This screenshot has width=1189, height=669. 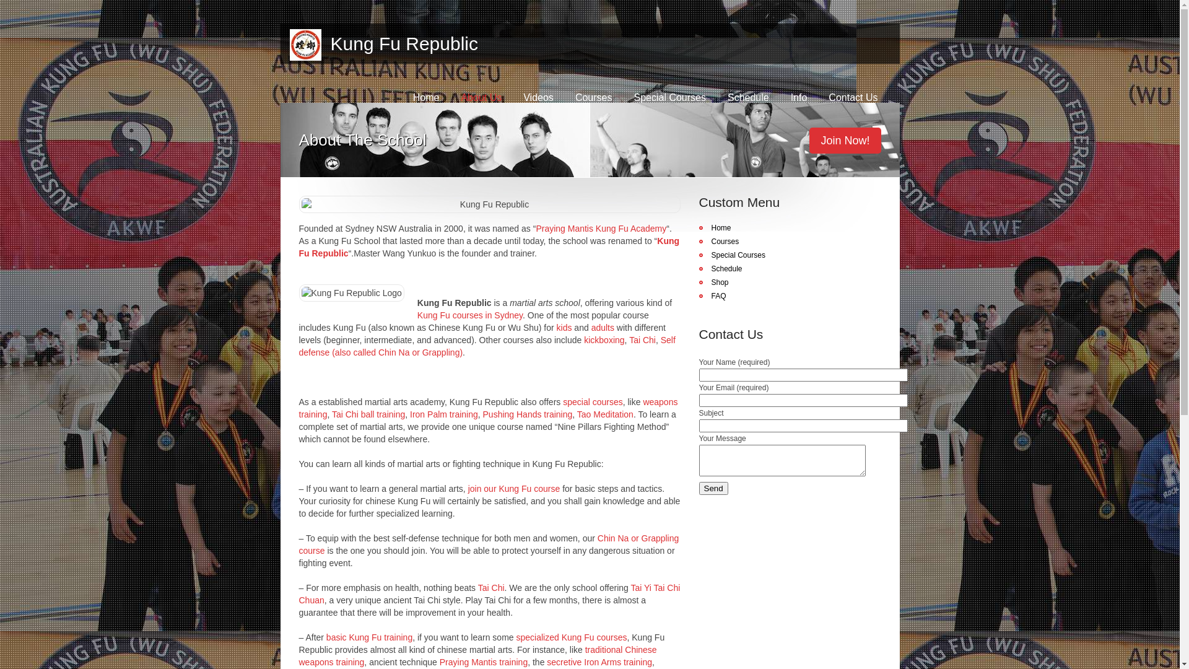 What do you see at coordinates (477, 655) in the screenshot?
I see `'traditional Chinese weapons training'` at bounding box center [477, 655].